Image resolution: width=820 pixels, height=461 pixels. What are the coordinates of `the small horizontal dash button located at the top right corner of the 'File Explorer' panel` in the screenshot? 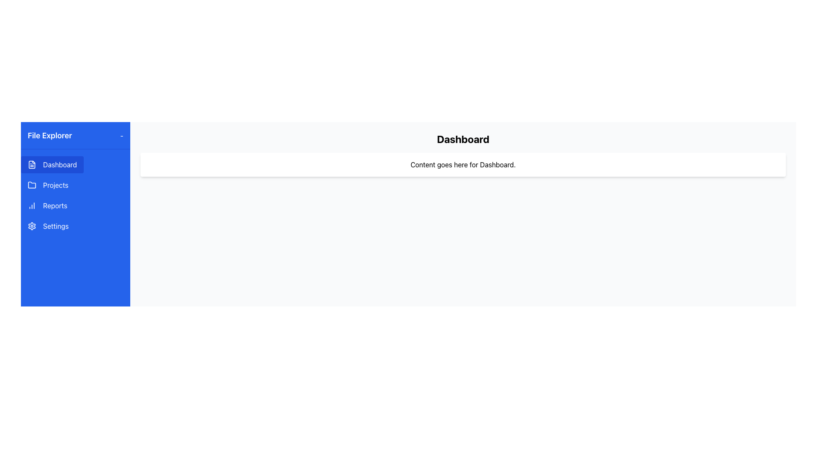 It's located at (121, 135).